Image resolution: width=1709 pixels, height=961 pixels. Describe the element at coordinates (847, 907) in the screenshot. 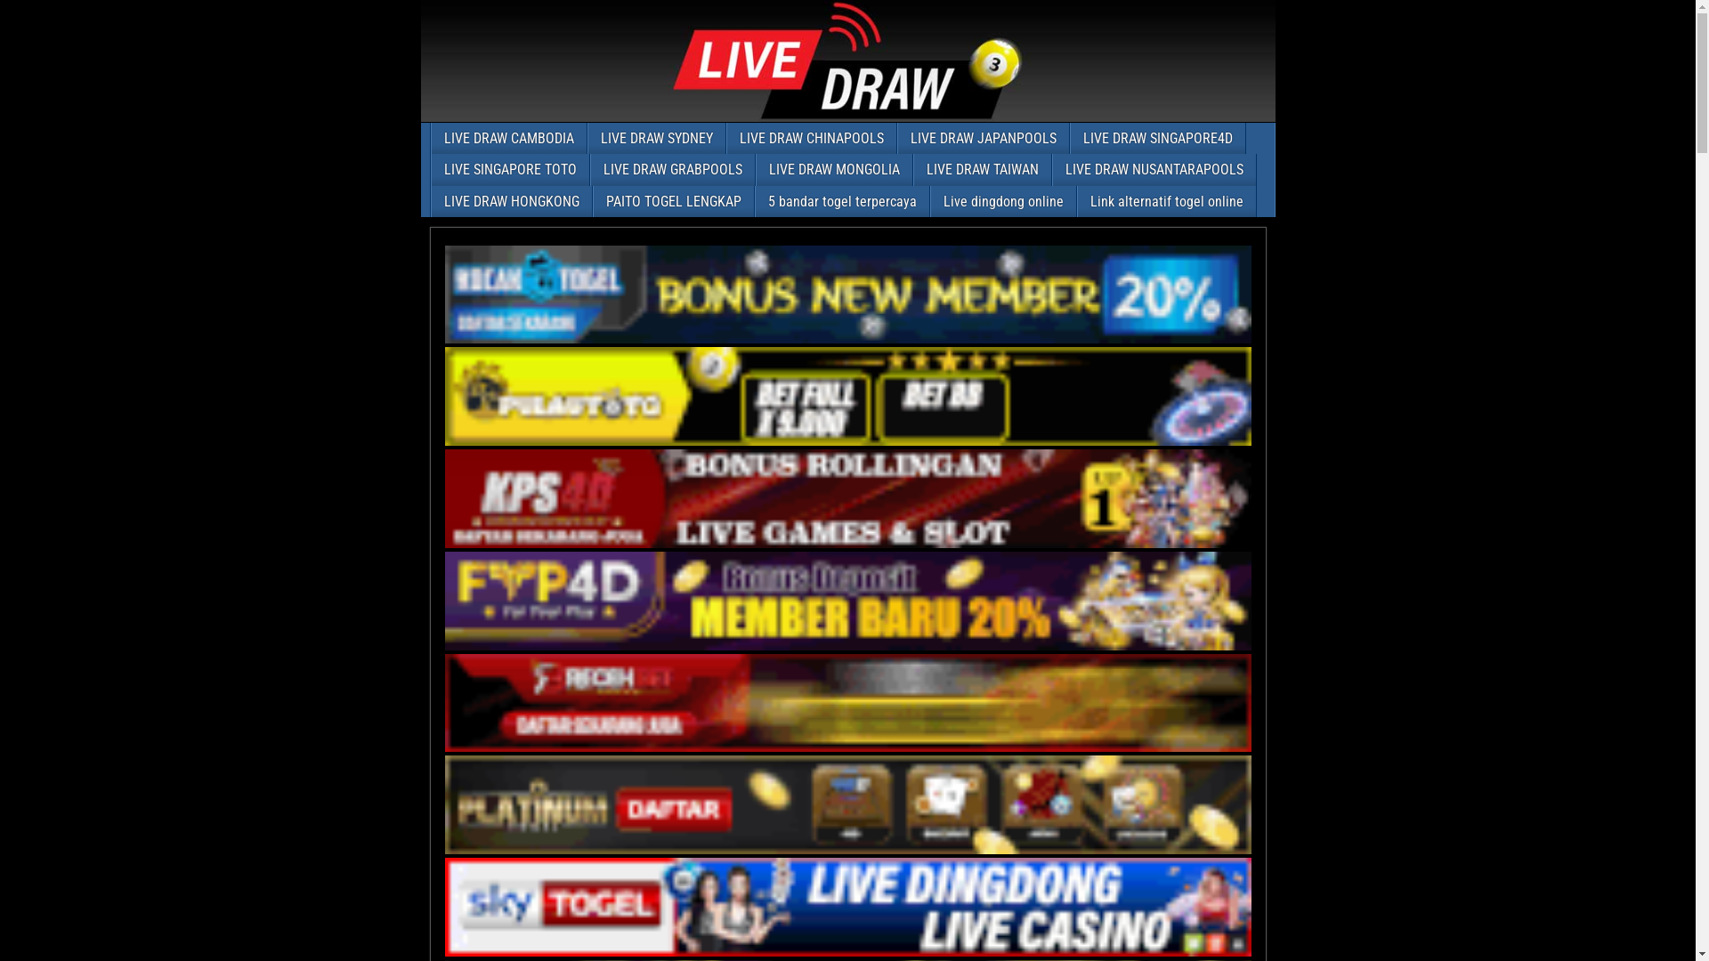

I see `'SKYTOGEL | BANDAR TOGEL TERLENGKAP'` at that location.